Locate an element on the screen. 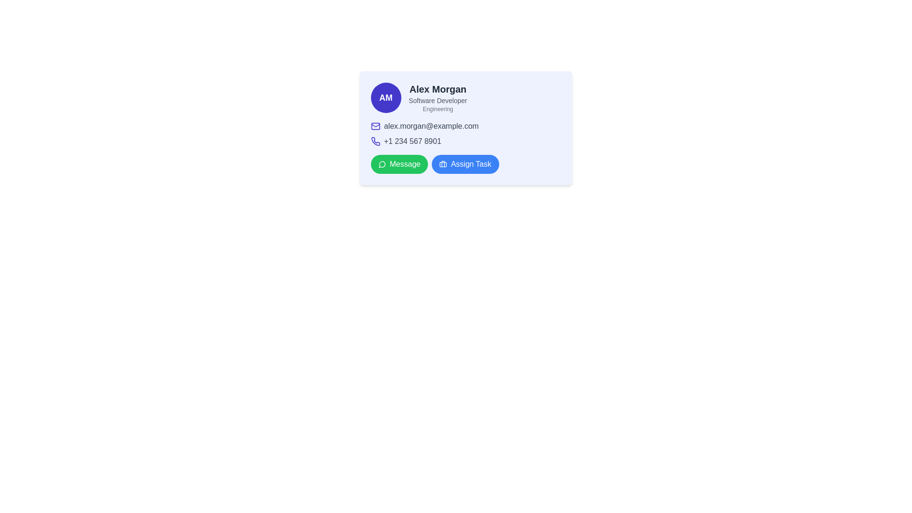 This screenshot has width=912, height=513. the SVG rectangle shape within the briefcase icon, located to the left of the 'Assign Task' button is located at coordinates (443, 164).